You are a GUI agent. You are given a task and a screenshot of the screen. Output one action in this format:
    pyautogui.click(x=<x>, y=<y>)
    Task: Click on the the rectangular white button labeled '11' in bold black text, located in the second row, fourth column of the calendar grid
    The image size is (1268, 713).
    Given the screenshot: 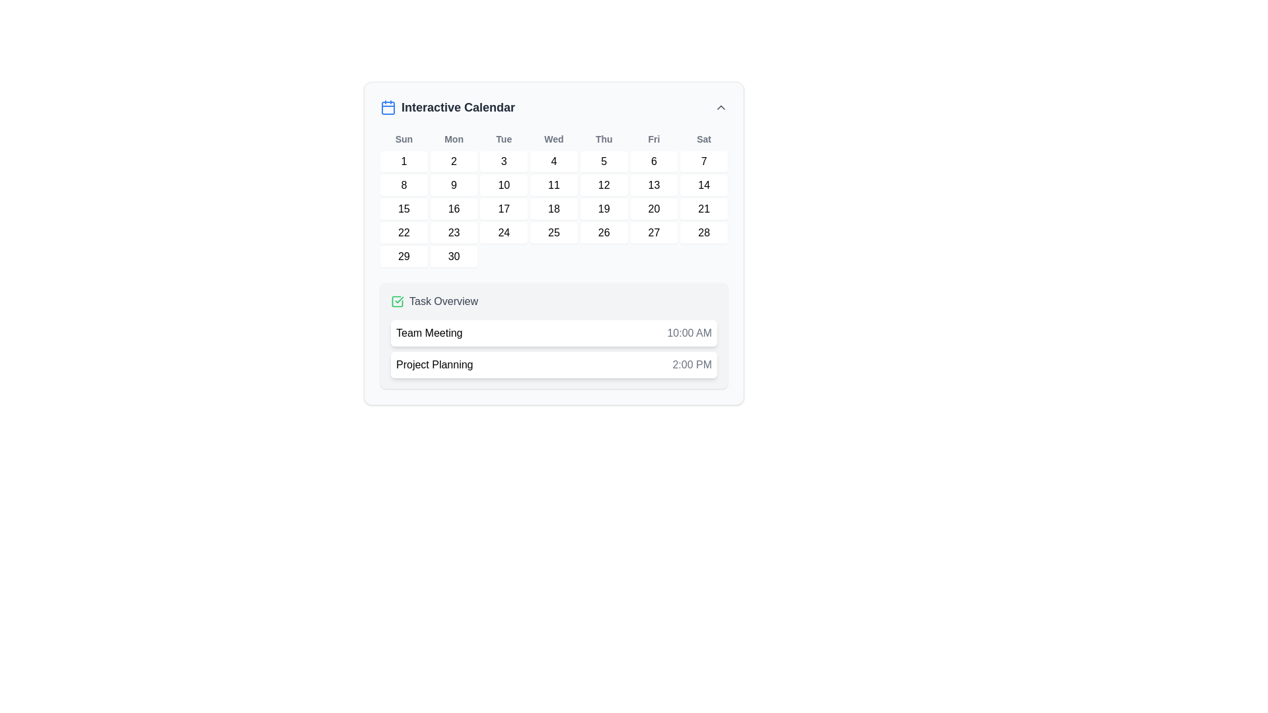 What is the action you would take?
    pyautogui.click(x=554, y=186)
    